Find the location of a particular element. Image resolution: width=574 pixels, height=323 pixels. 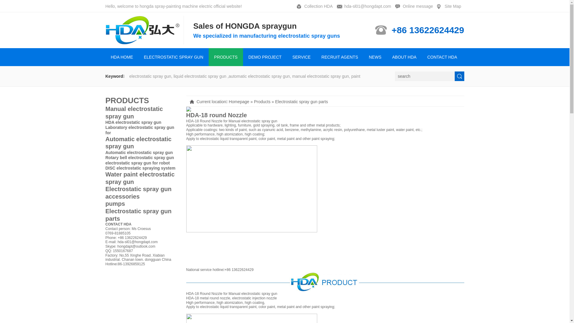

'Homepage' is located at coordinates (239, 101).